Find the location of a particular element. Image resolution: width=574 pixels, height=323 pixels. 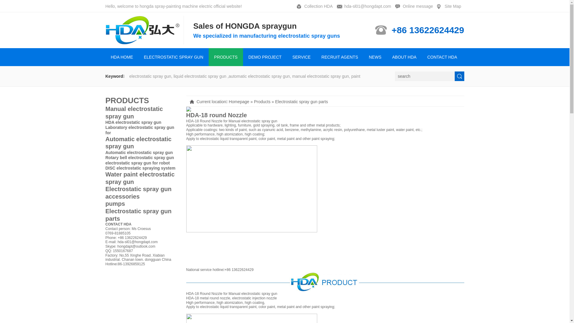

'Homepage' is located at coordinates (239, 101).